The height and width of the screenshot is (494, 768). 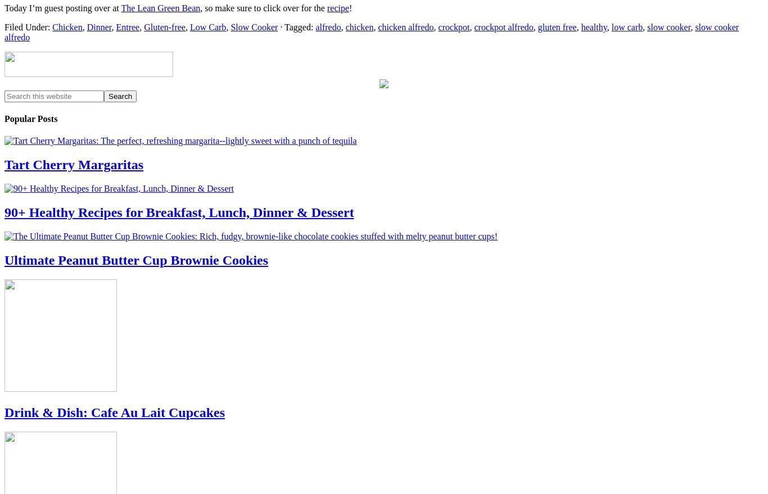 I want to click on 'low carb', so click(x=626, y=26).